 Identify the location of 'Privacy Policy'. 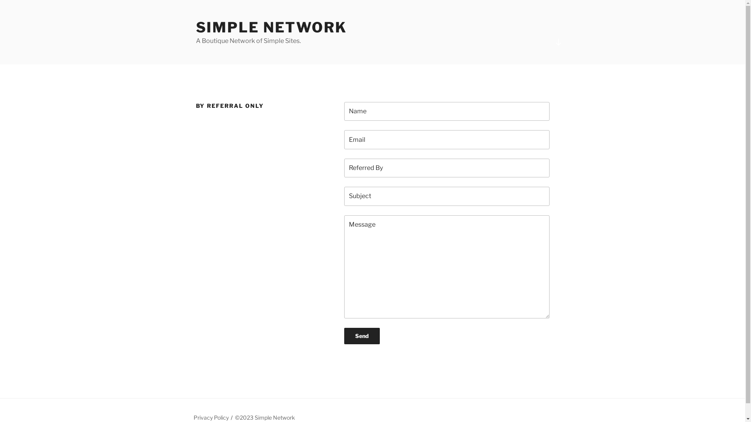
(210, 417).